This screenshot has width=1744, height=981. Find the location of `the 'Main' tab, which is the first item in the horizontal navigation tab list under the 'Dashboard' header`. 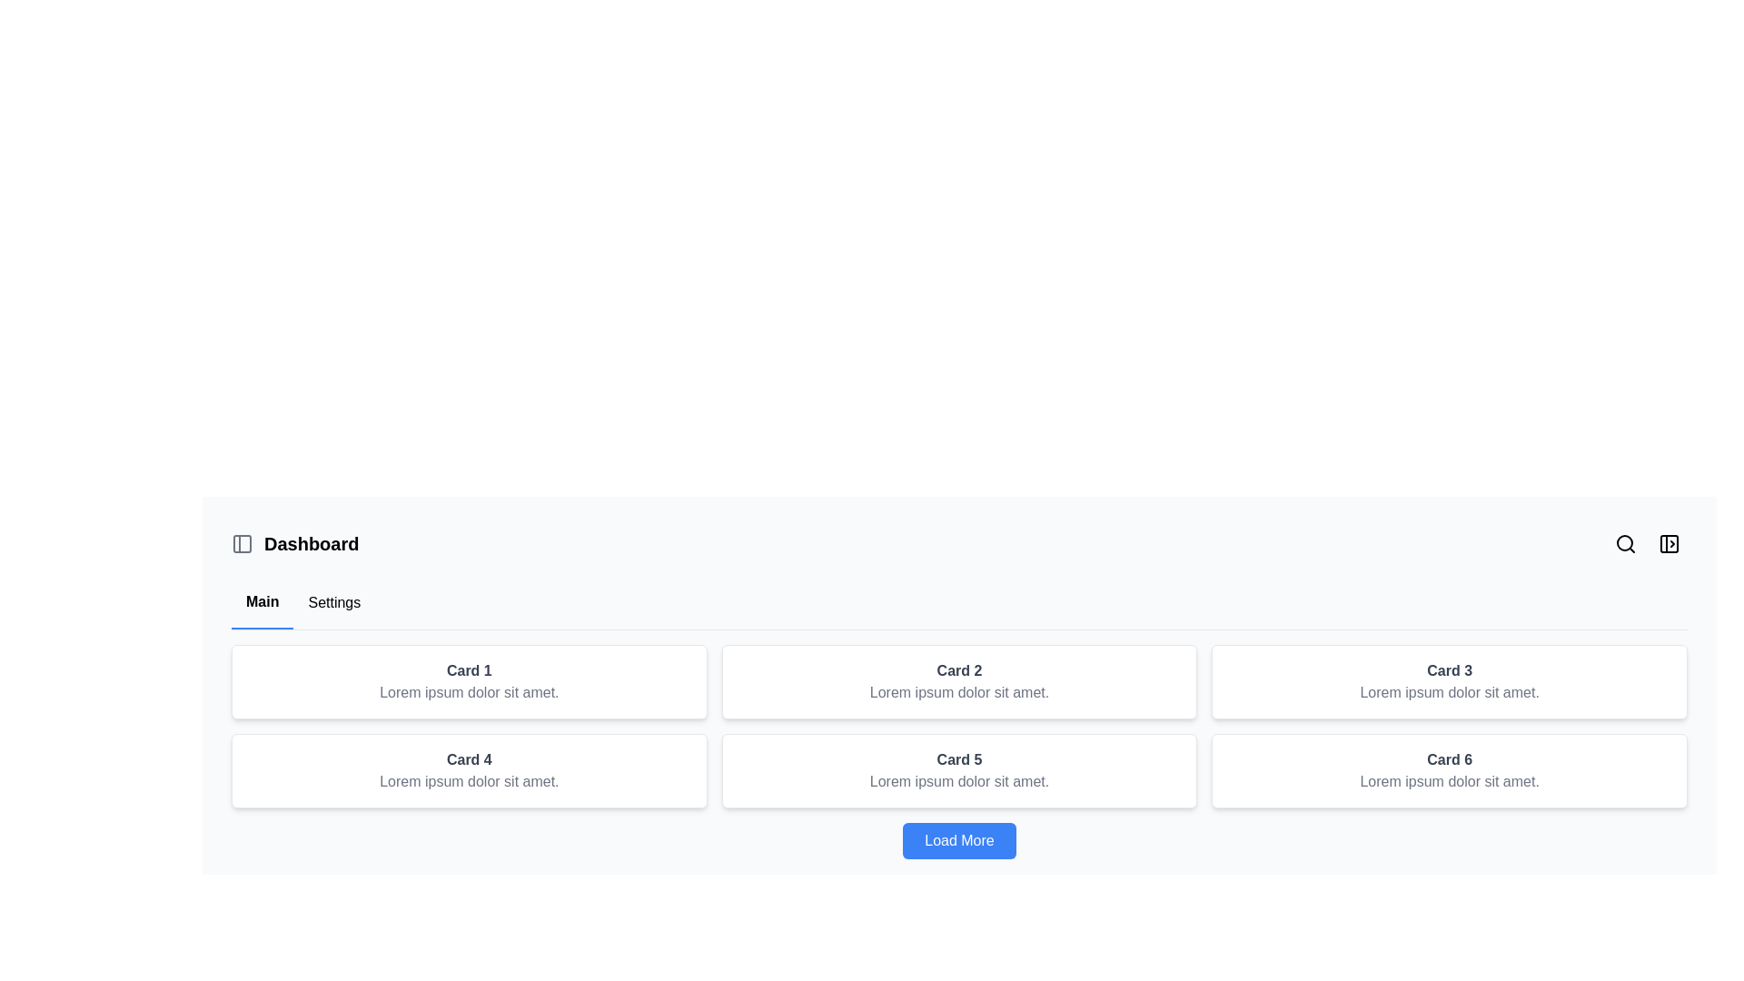

the 'Main' tab, which is the first item in the horizontal navigation tab list under the 'Dashboard' header is located at coordinates (261, 602).